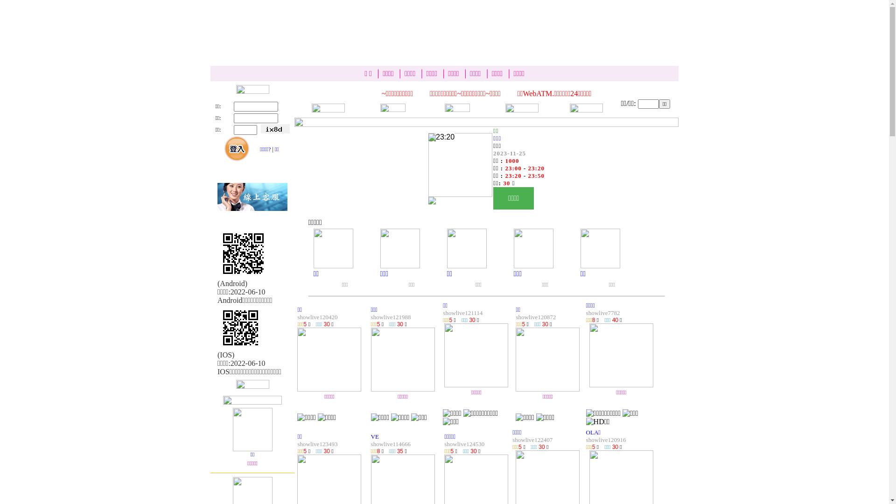 This screenshot has height=504, width=896. I want to click on 'VE', so click(375, 436).